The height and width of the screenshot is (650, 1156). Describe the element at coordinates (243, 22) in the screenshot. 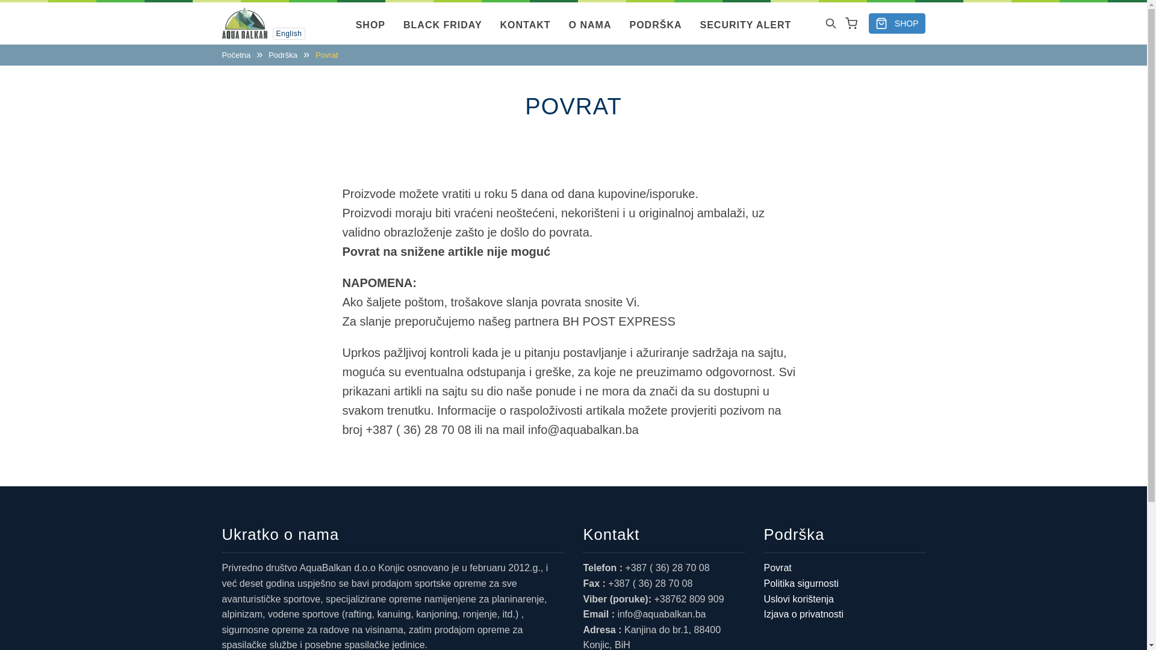

I see `'Naslovna'` at that location.